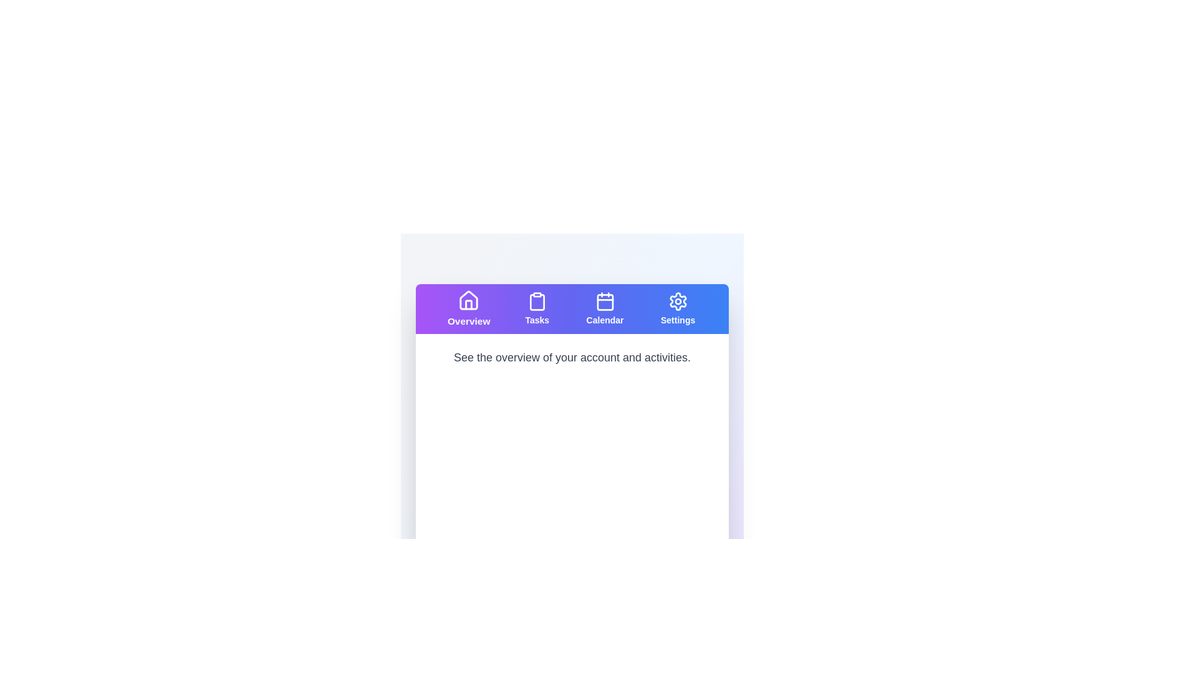  What do you see at coordinates (537, 302) in the screenshot?
I see `the 'Tasks' tab icon in the navigation bar` at bounding box center [537, 302].